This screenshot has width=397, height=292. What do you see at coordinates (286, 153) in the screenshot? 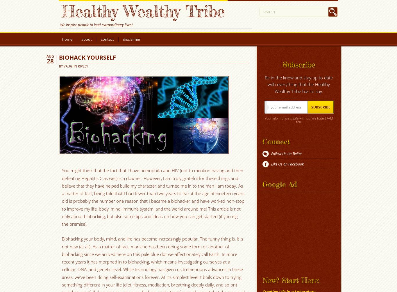
I see `'Follow Us on Twiter'` at bounding box center [286, 153].